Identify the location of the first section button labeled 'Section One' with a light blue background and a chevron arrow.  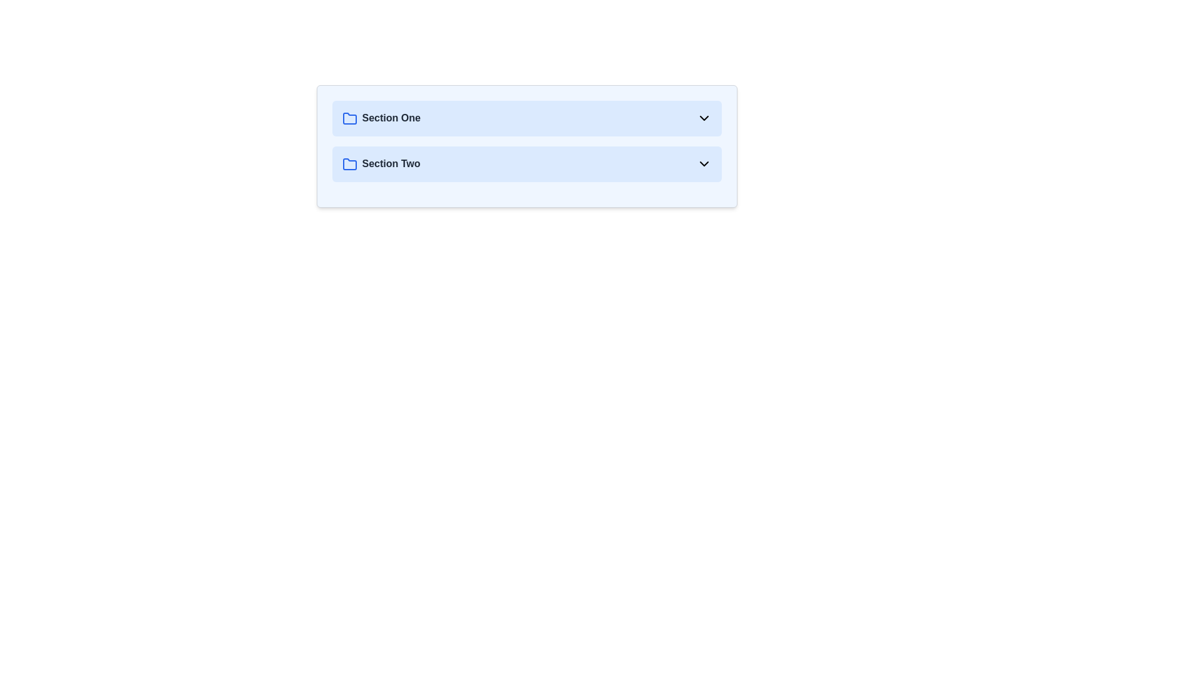
(527, 118).